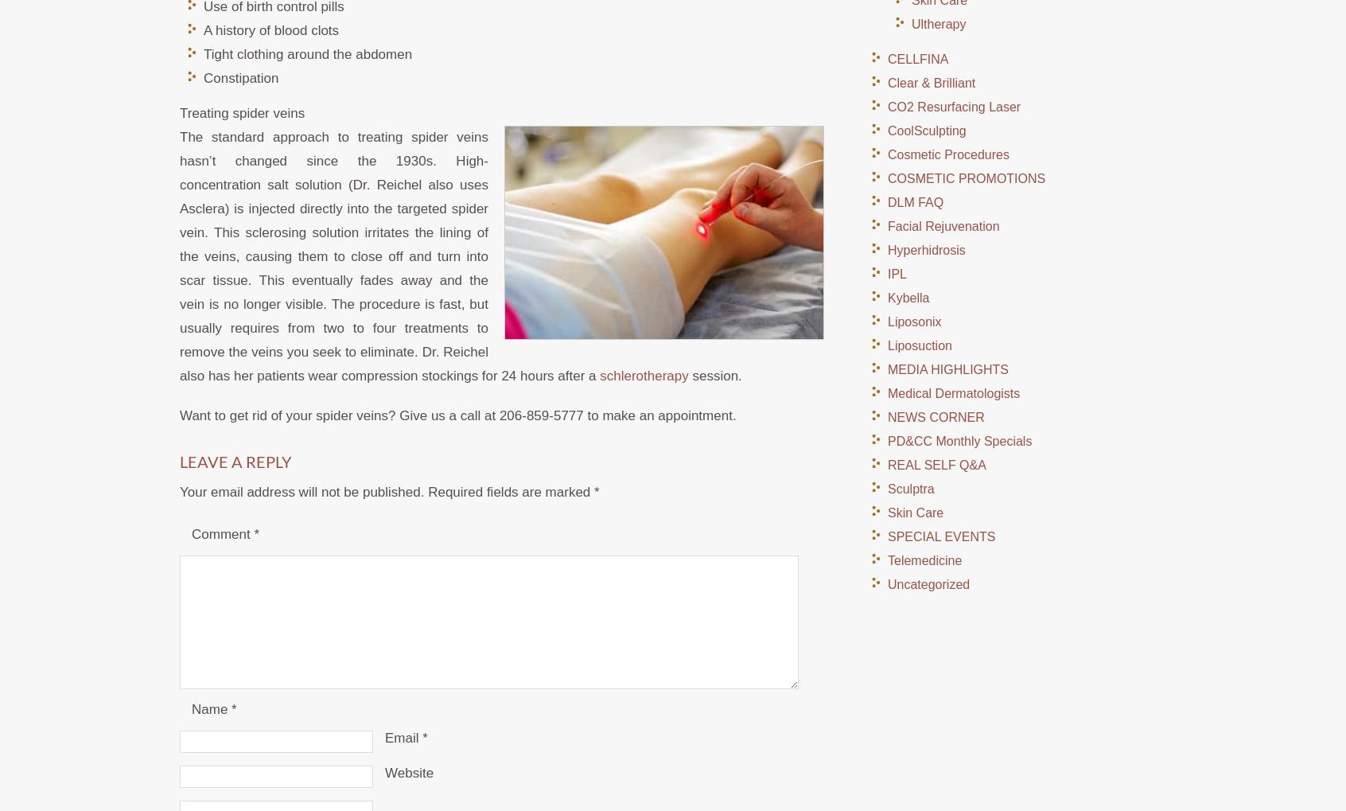 Image resolution: width=1346 pixels, height=811 pixels. Describe the element at coordinates (924, 560) in the screenshot. I see `'Telemedicine'` at that location.